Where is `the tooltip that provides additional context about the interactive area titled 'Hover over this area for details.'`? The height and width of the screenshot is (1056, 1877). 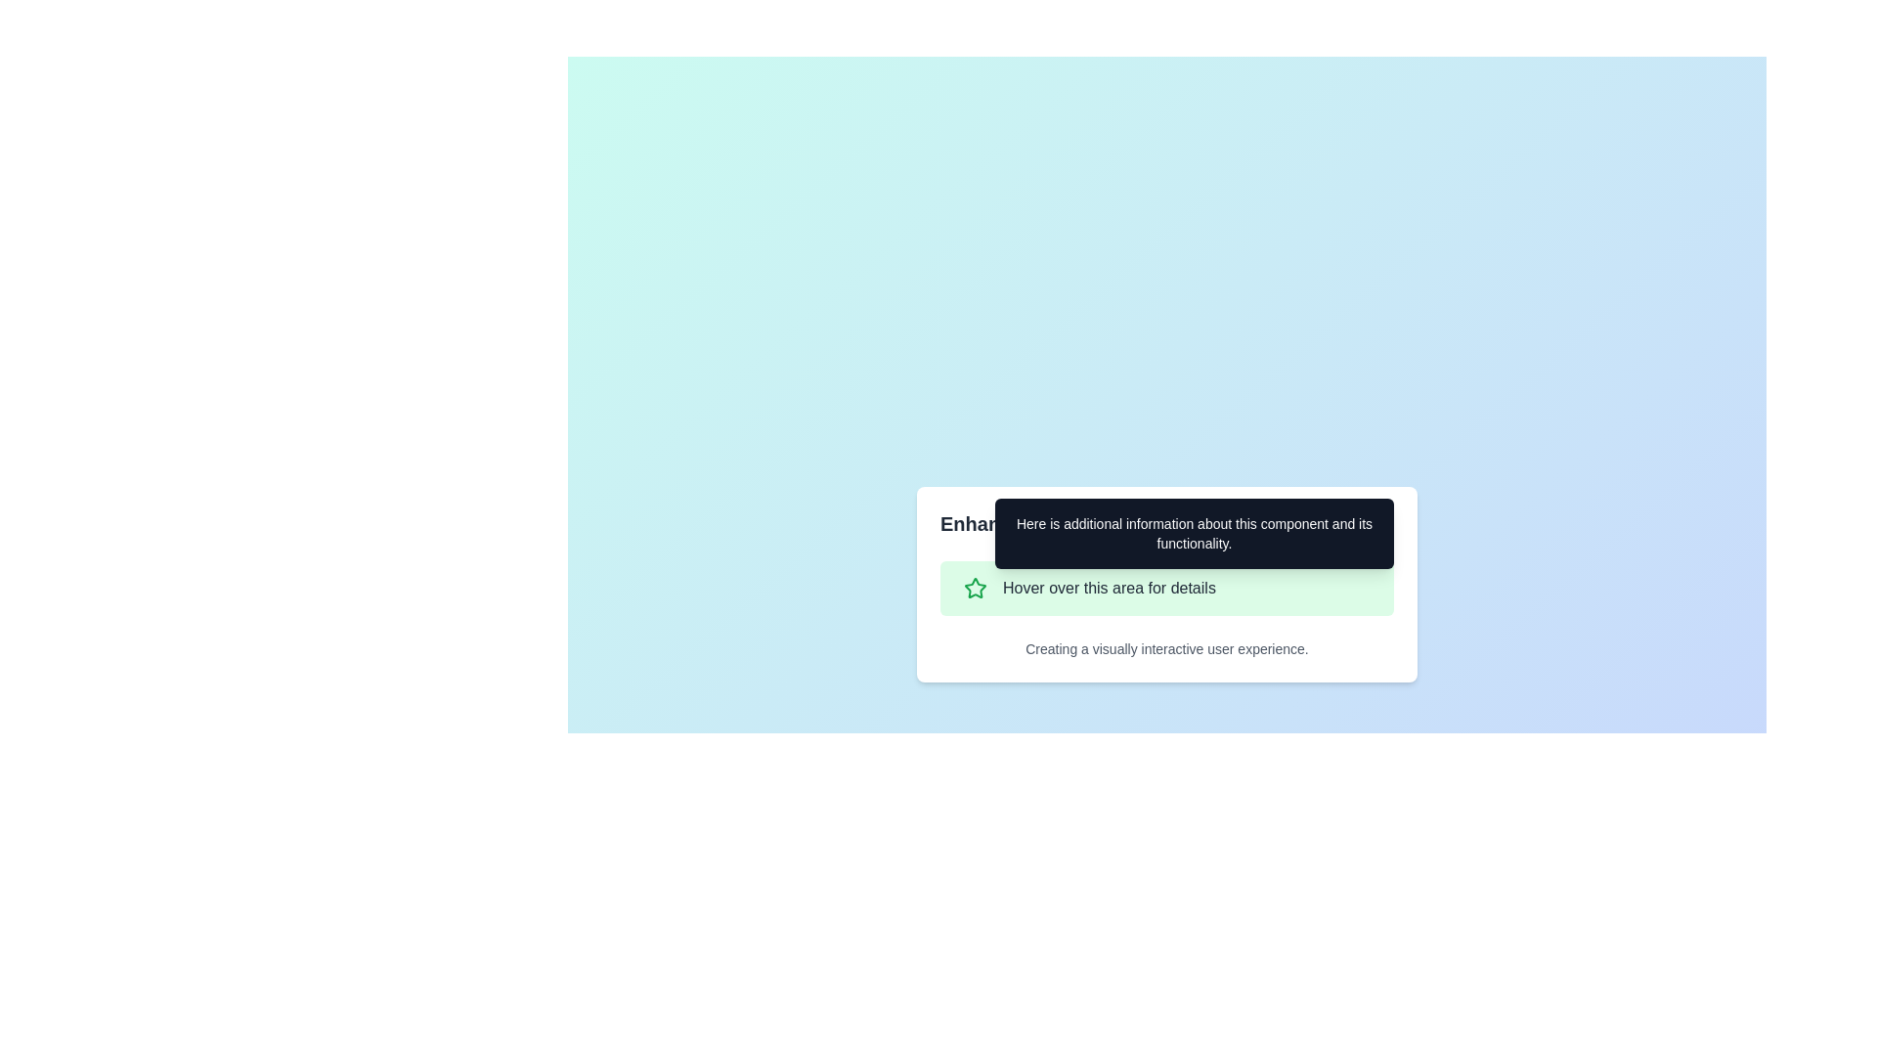 the tooltip that provides additional context about the interactive area titled 'Hover over this area for details.' is located at coordinates (1194, 534).